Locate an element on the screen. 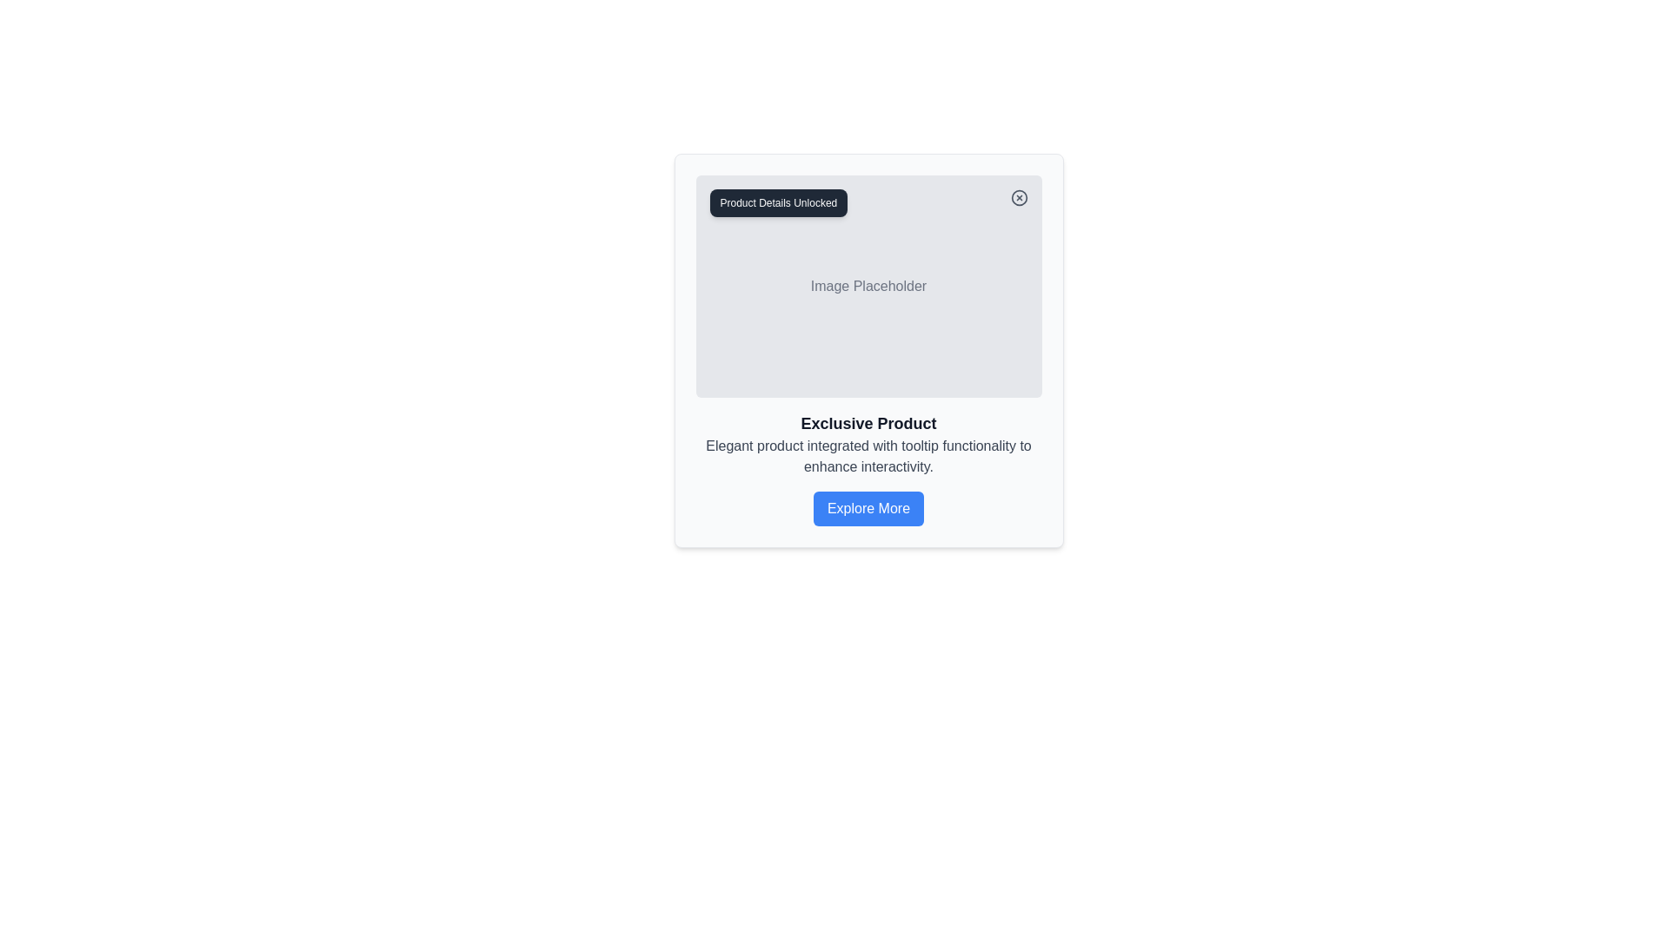  the close button is located at coordinates (1019, 196).